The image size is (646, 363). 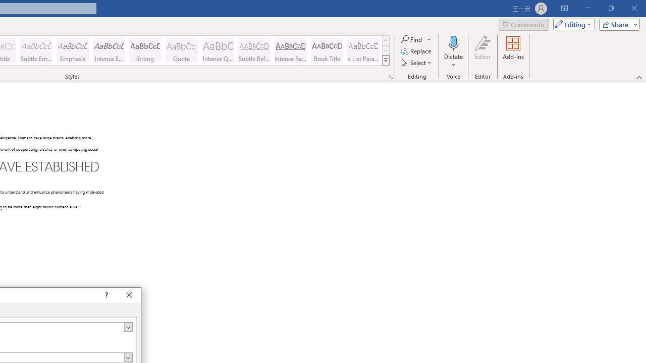 What do you see at coordinates (482, 52) in the screenshot?
I see `'Editor'` at bounding box center [482, 52].